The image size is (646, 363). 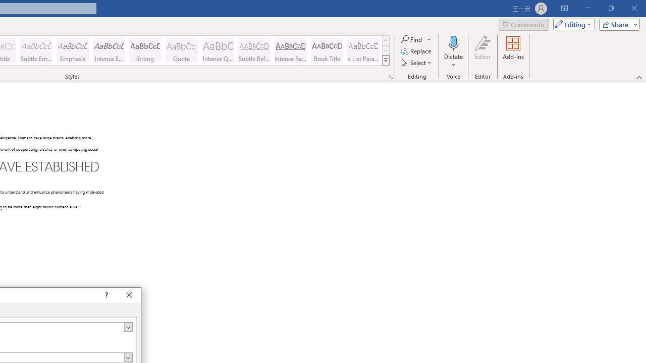 What do you see at coordinates (482, 52) in the screenshot?
I see `'Editor'` at bounding box center [482, 52].